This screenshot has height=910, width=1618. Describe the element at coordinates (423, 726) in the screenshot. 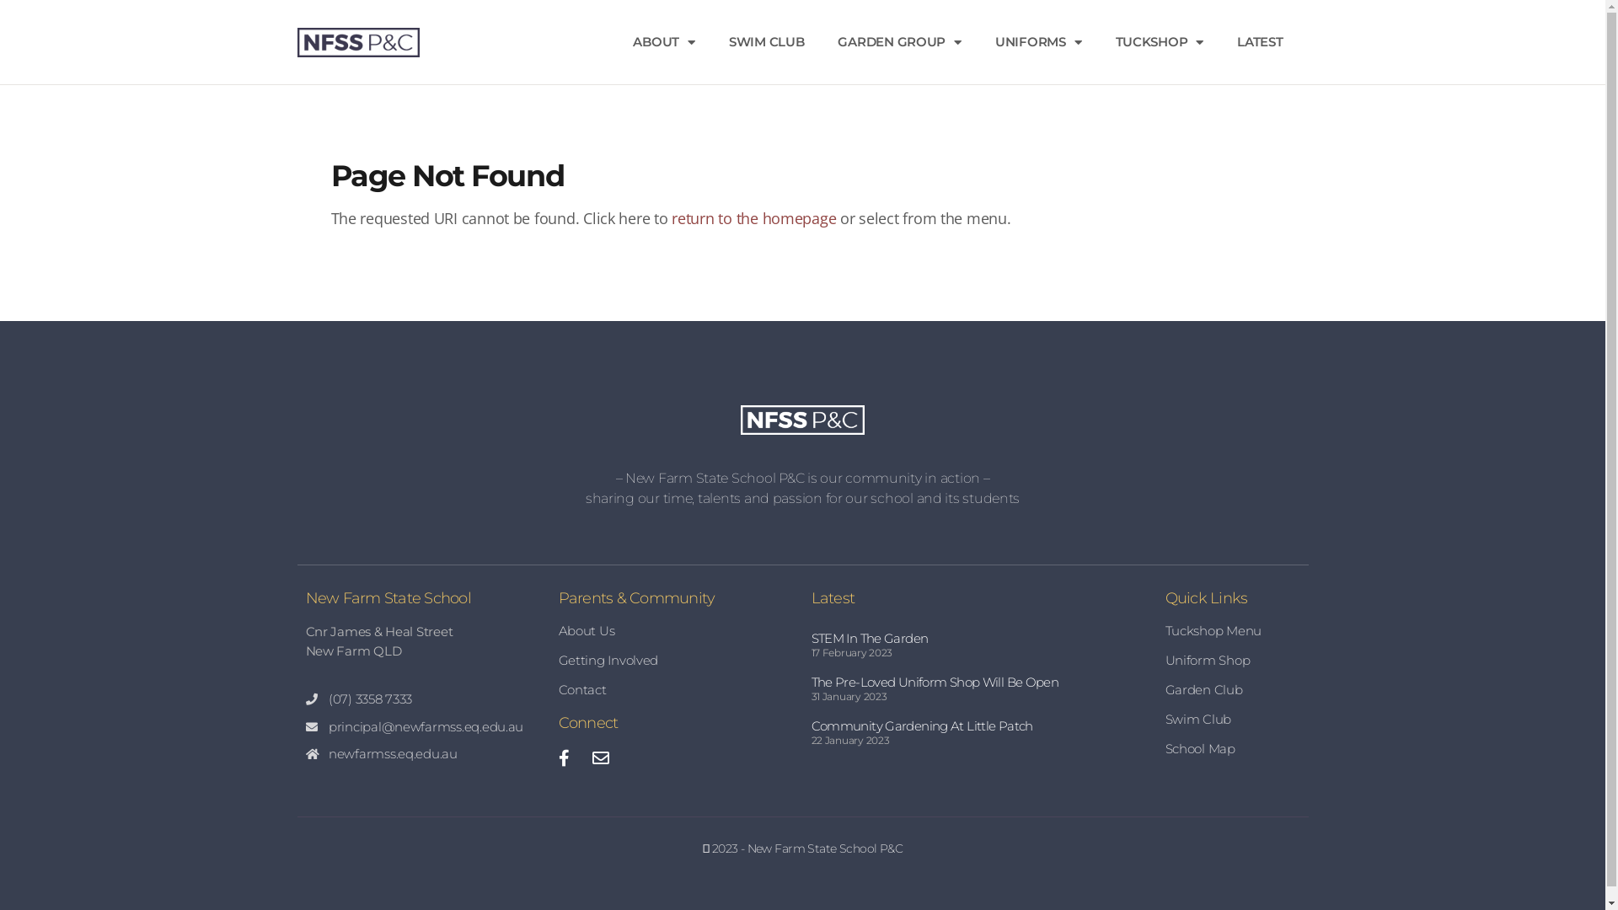

I see `'principal@newfarmss.eq.edu.au'` at that location.